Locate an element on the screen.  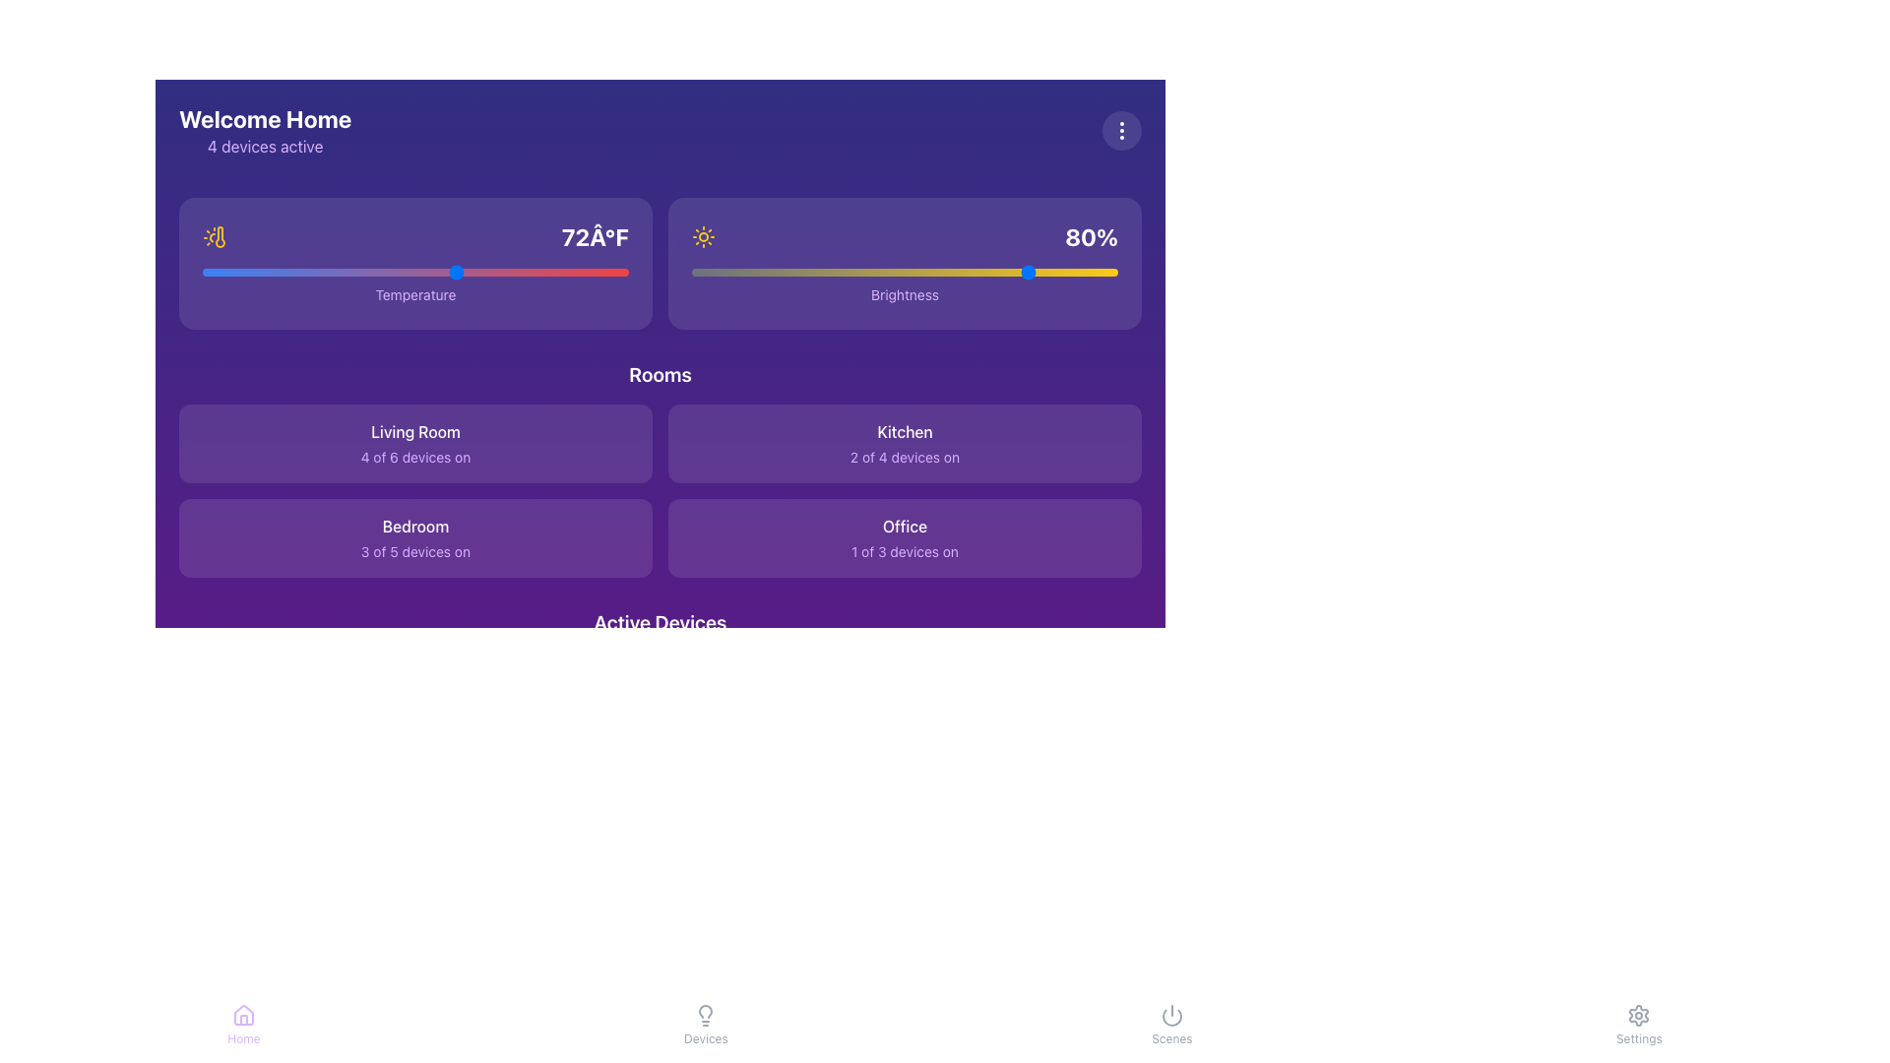
the third button in the navigation bar at the bottom of the interface is located at coordinates (1171, 1024).